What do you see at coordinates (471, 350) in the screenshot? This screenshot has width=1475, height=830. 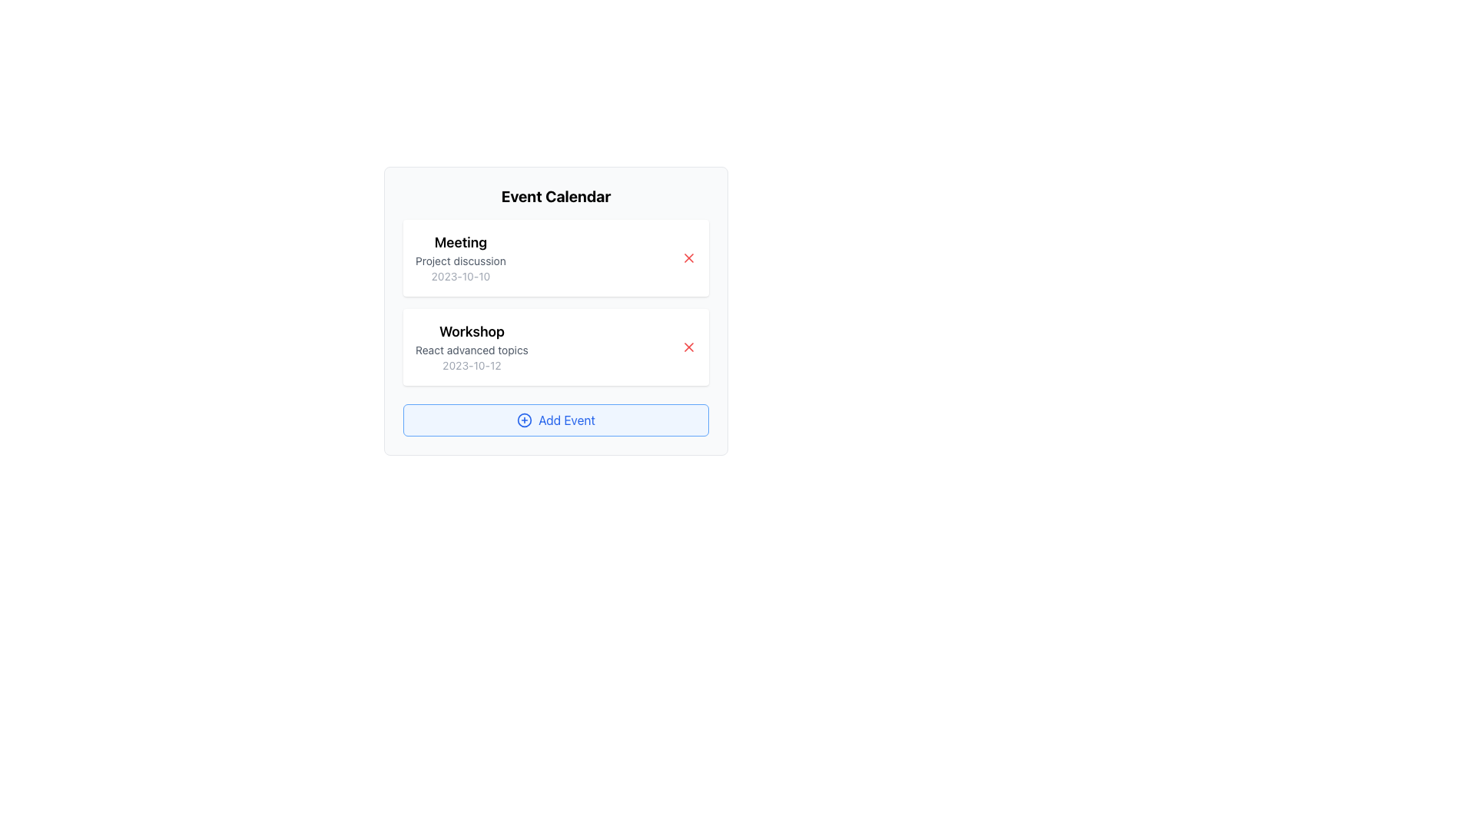 I see `the second textual component in the event's details view that serves as a subtitle or description for the workshop entry in the calendar` at bounding box center [471, 350].